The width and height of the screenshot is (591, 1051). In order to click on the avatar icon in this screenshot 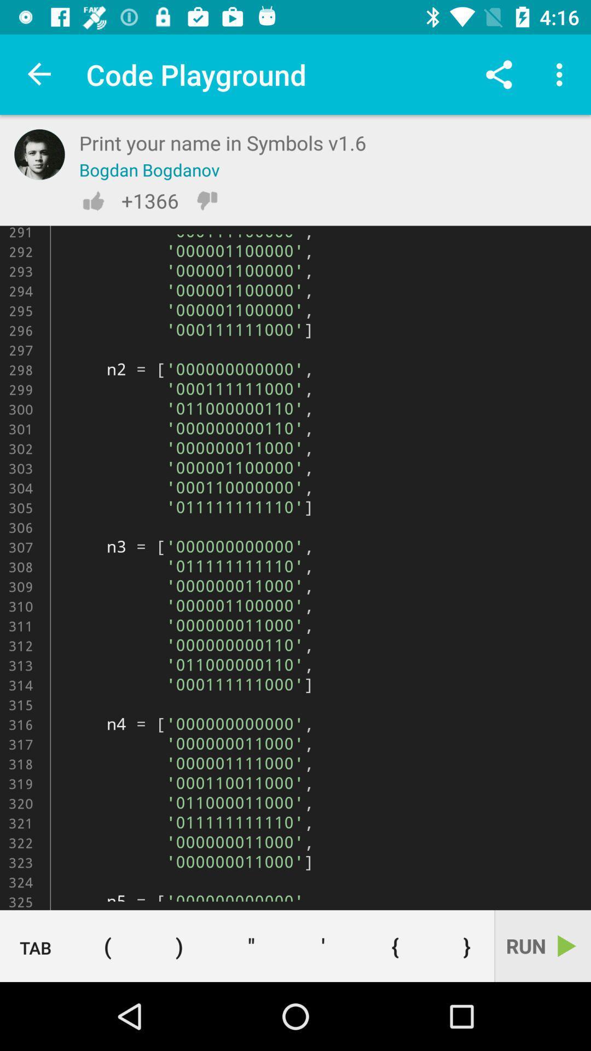, I will do `click(39, 154)`.